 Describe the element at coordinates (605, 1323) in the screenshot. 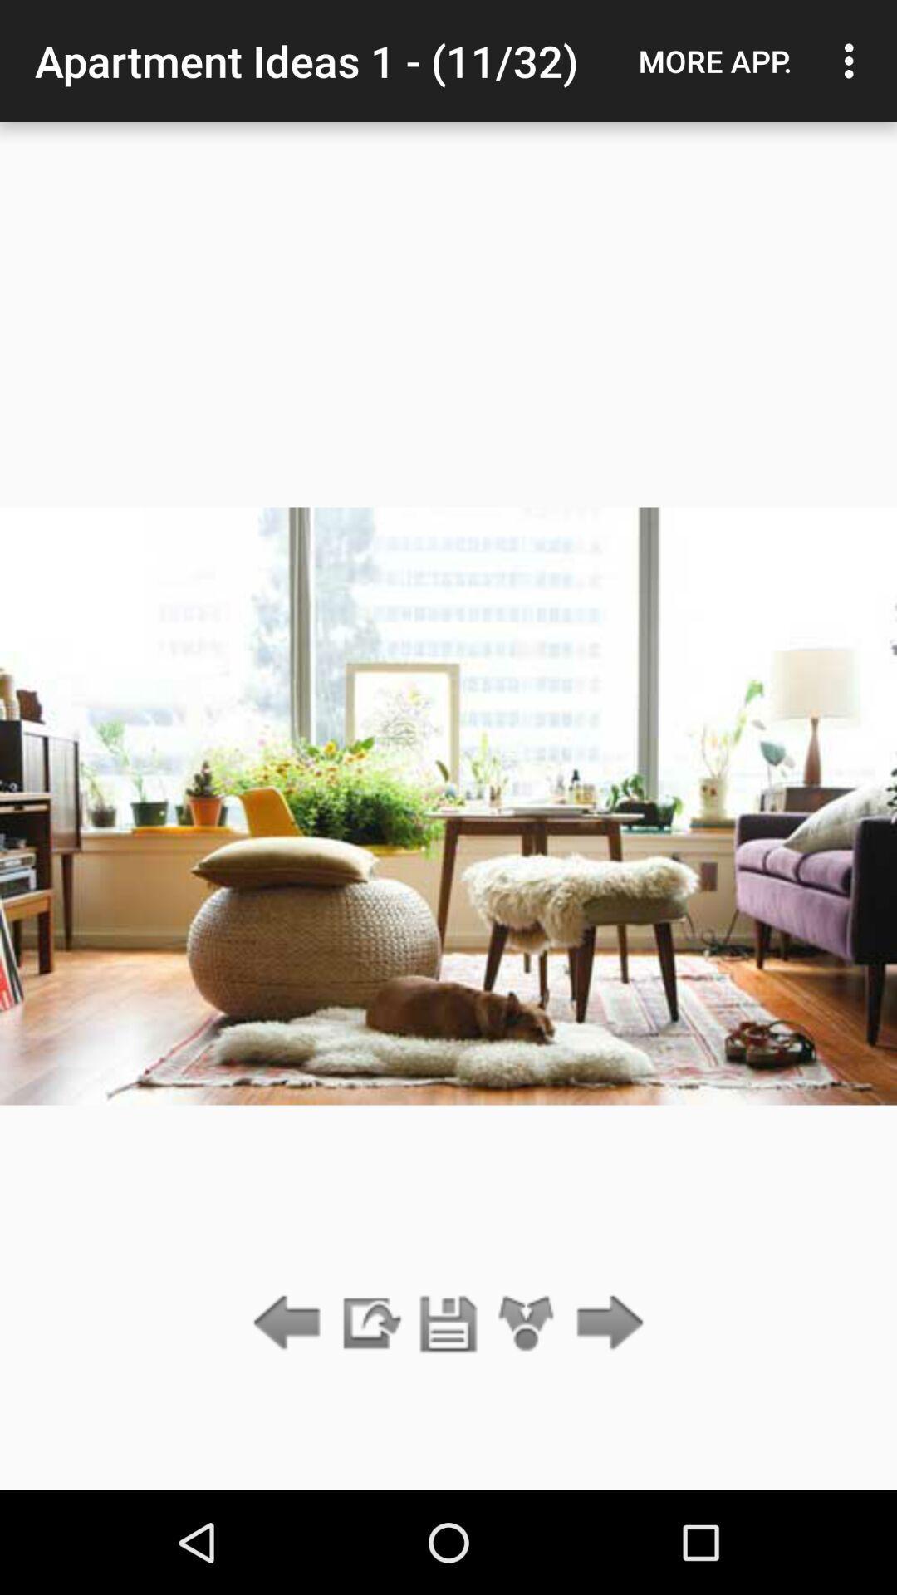

I see `item at the bottom right corner` at that location.